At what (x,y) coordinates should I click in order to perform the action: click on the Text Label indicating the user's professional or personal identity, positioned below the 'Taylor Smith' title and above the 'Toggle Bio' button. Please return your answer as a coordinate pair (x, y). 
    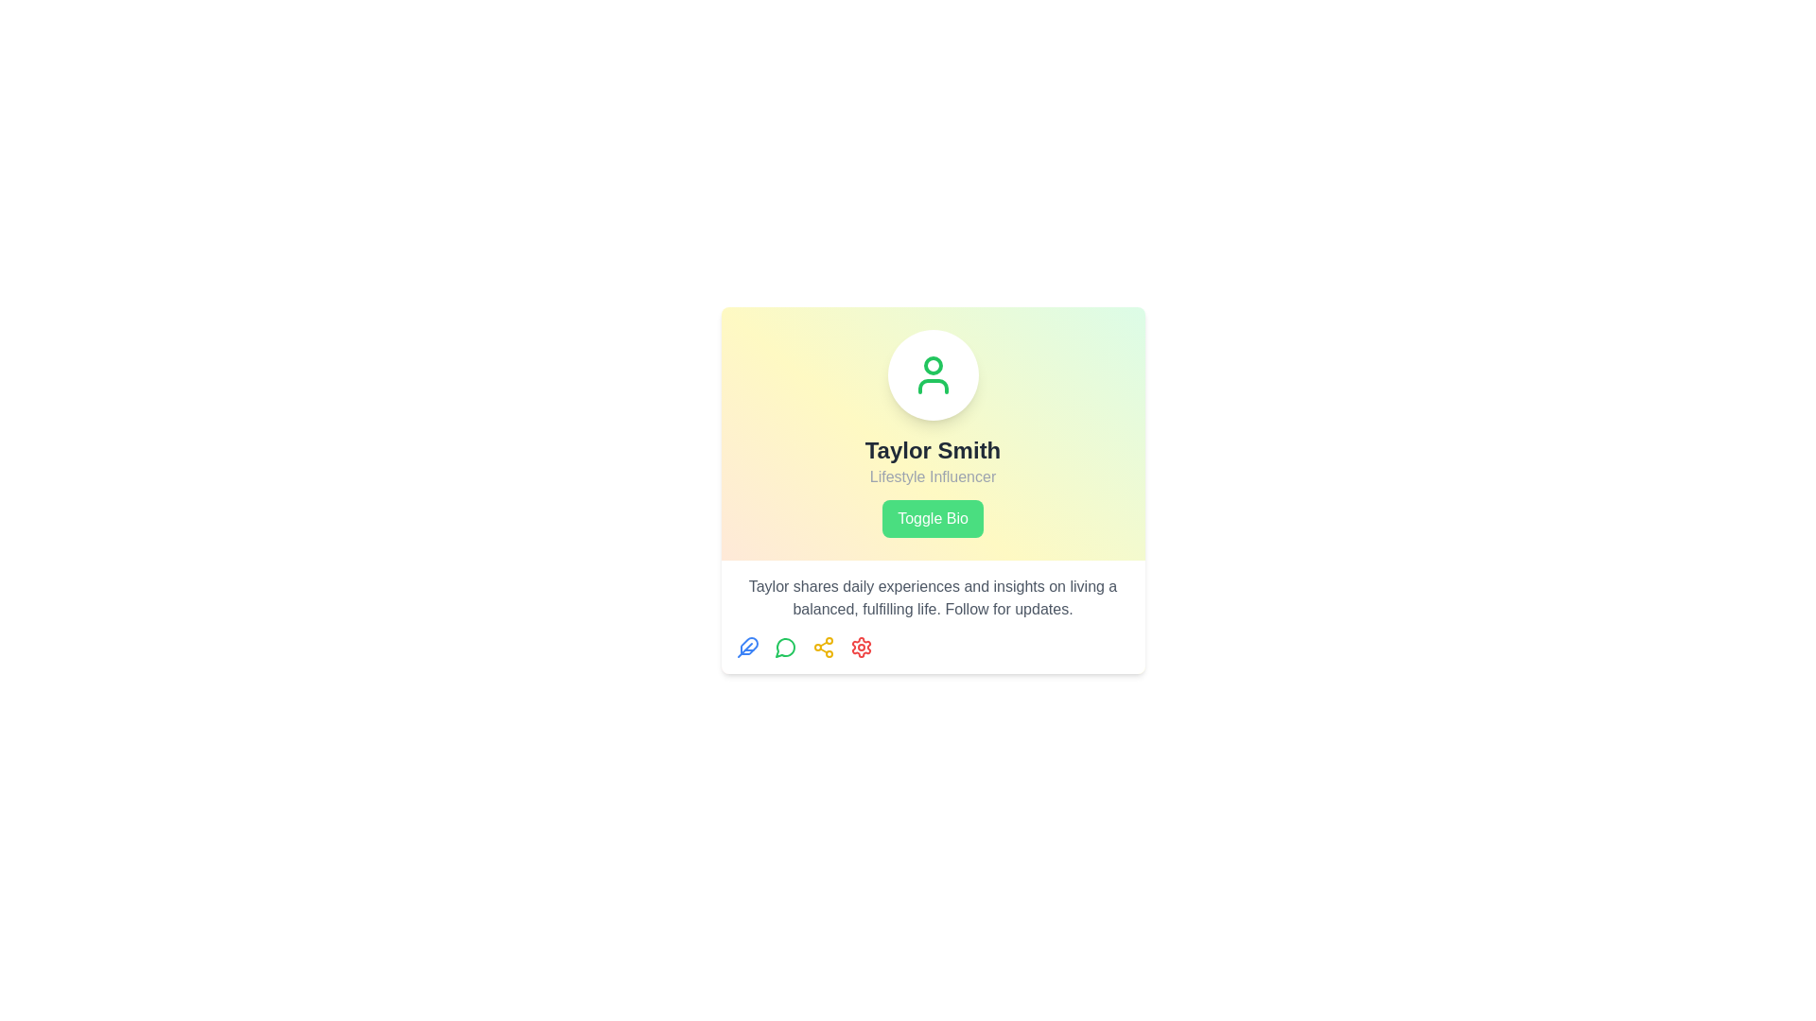
    Looking at the image, I should click on (933, 476).